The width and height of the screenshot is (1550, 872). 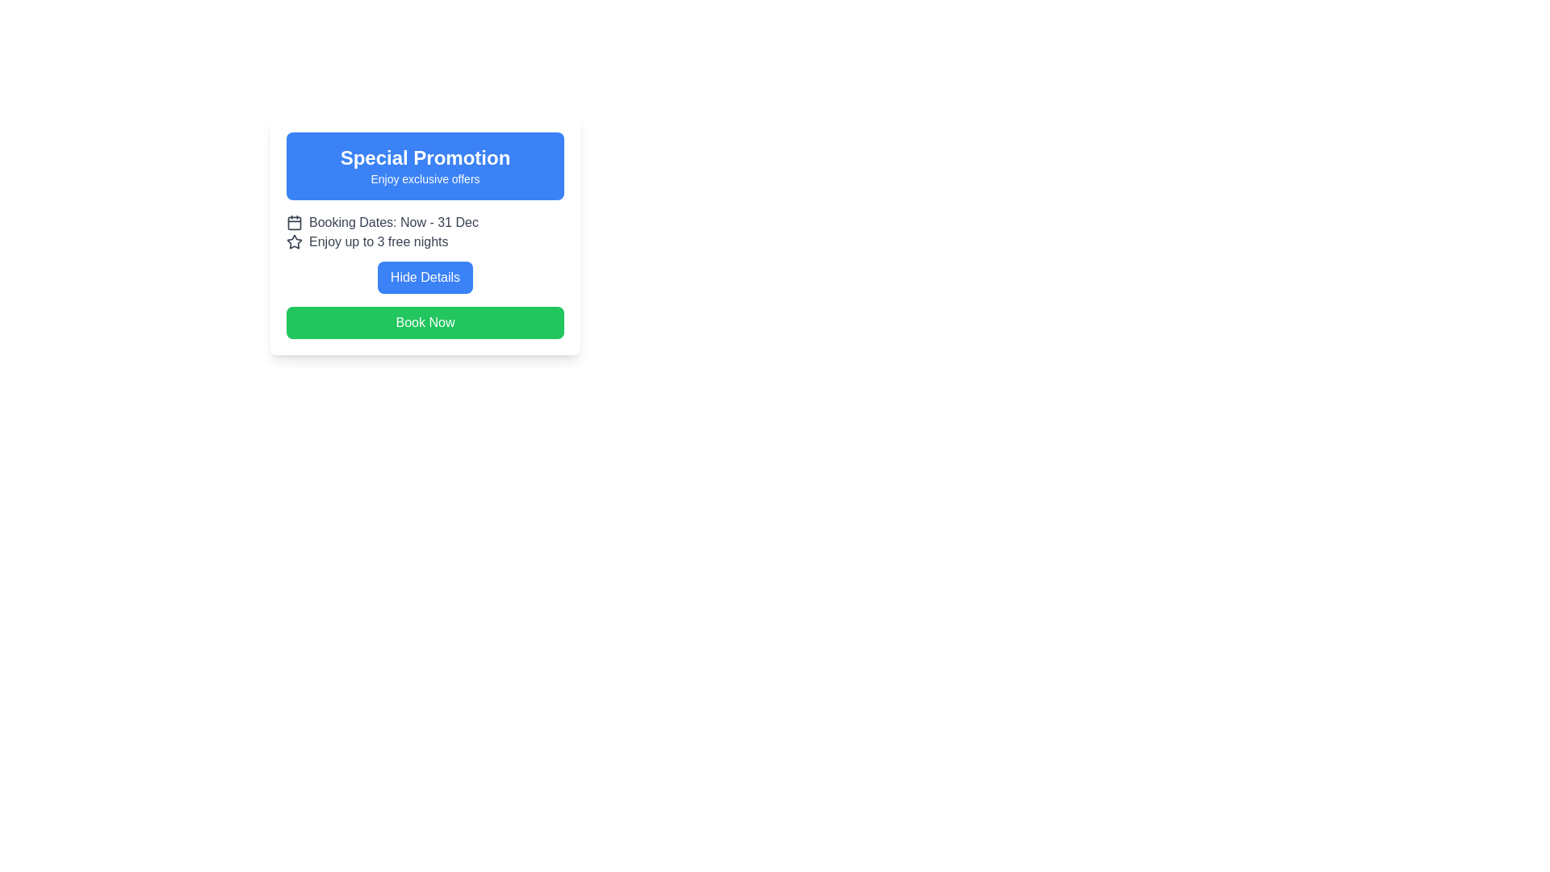 I want to click on the promotional Text label that conveys an offer for up to three free nights, located horizontally next to a star icon, below the 'Booking Dates: Now - 31 Dec' text and above the 'Hide Details' button, so click(x=378, y=242).